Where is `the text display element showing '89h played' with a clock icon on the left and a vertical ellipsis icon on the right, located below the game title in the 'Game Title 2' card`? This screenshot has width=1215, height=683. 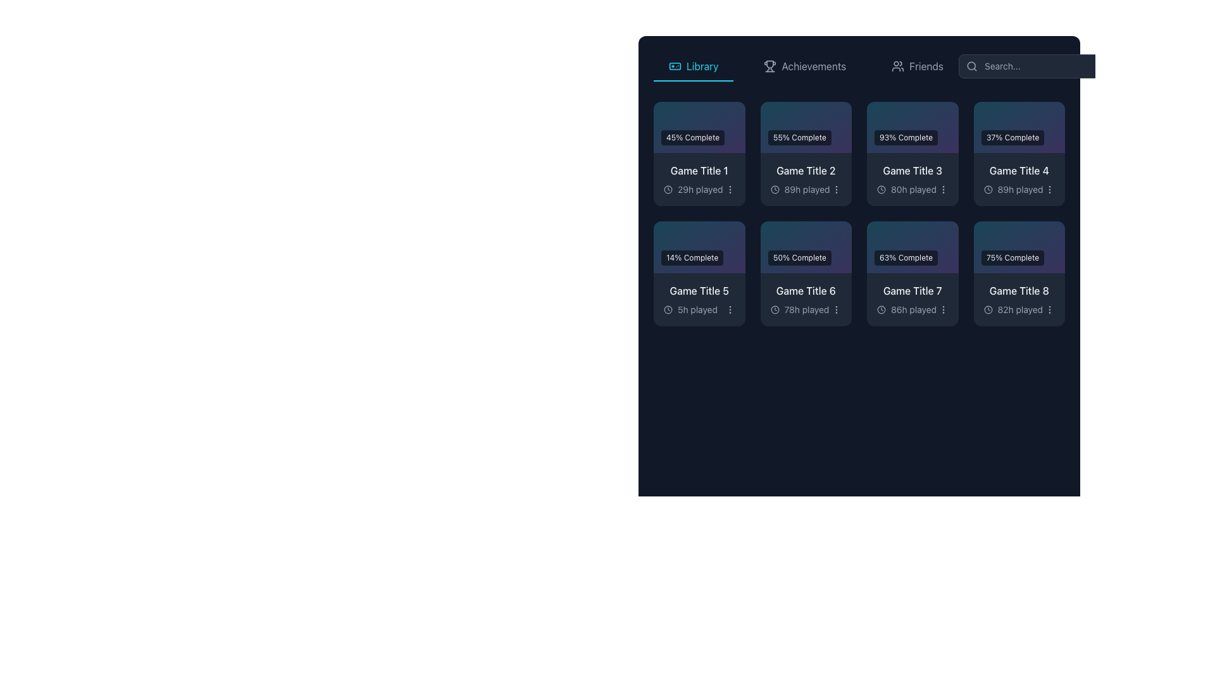 the text display element showing '89h played' with a clock icon on the left and a vertical ellipsis icon on the right, located below the game title in the 'Game Title 2' card is located at coordinates (805, 190).